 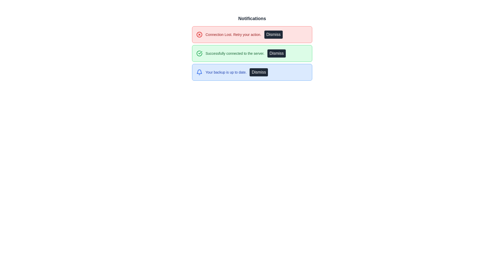 I want to click on the warning or error icon located in the top notification bar, to the left of the text 'Connection Lost. Retry your action.', so click(x=199, y=34).